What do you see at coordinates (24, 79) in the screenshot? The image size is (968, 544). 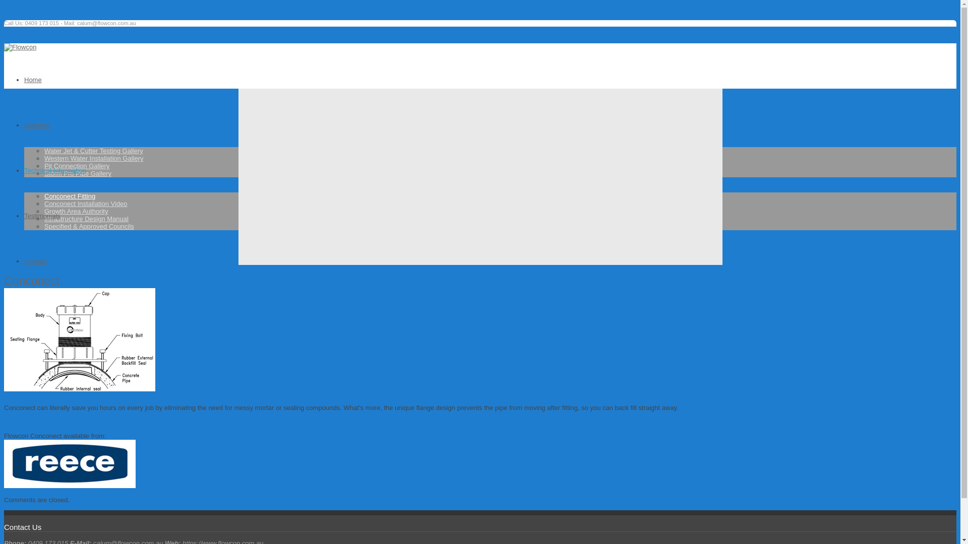 I see `'Home'` at bounding box center [24, 79].